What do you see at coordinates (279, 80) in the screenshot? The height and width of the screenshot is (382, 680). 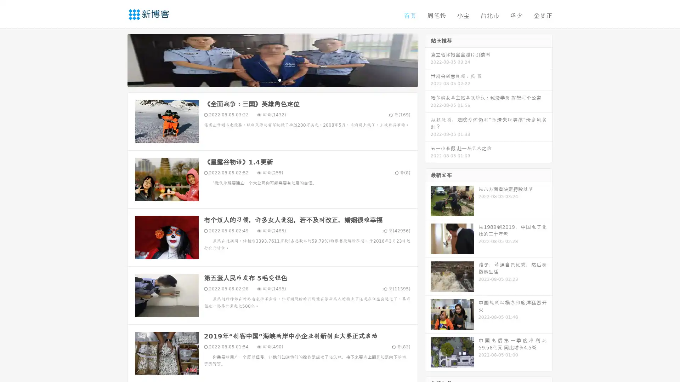 I see `Go to slide 3` at bounding box center [279, 80].